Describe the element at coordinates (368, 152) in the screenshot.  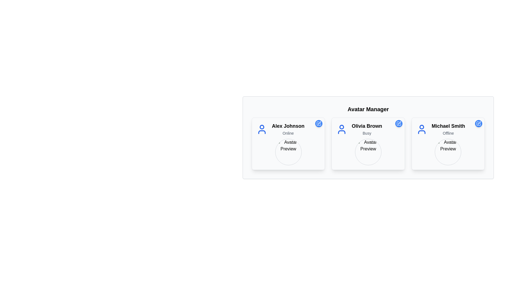
I see `the image placeholder for the user's avatar display located at the center of the 'Olivia Brown' card in the Avatar Manager section` at that location.